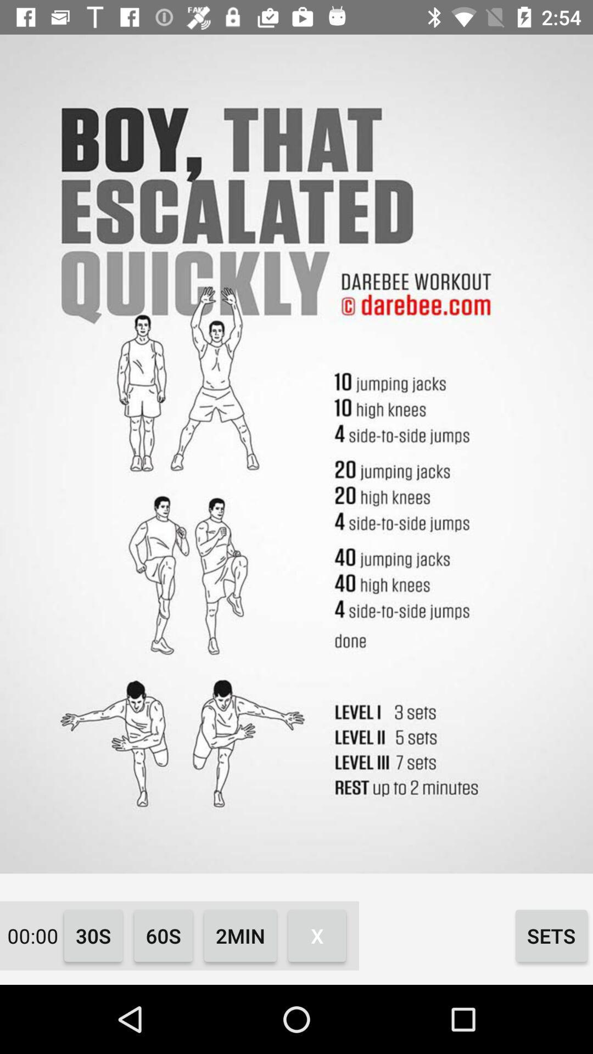 The width and height of the screenshot is (593, 1054). What do you see at coordinates (551, 935) in the screenshot?
I see `the item to the right of the x item` at bounding box center [551, 935].